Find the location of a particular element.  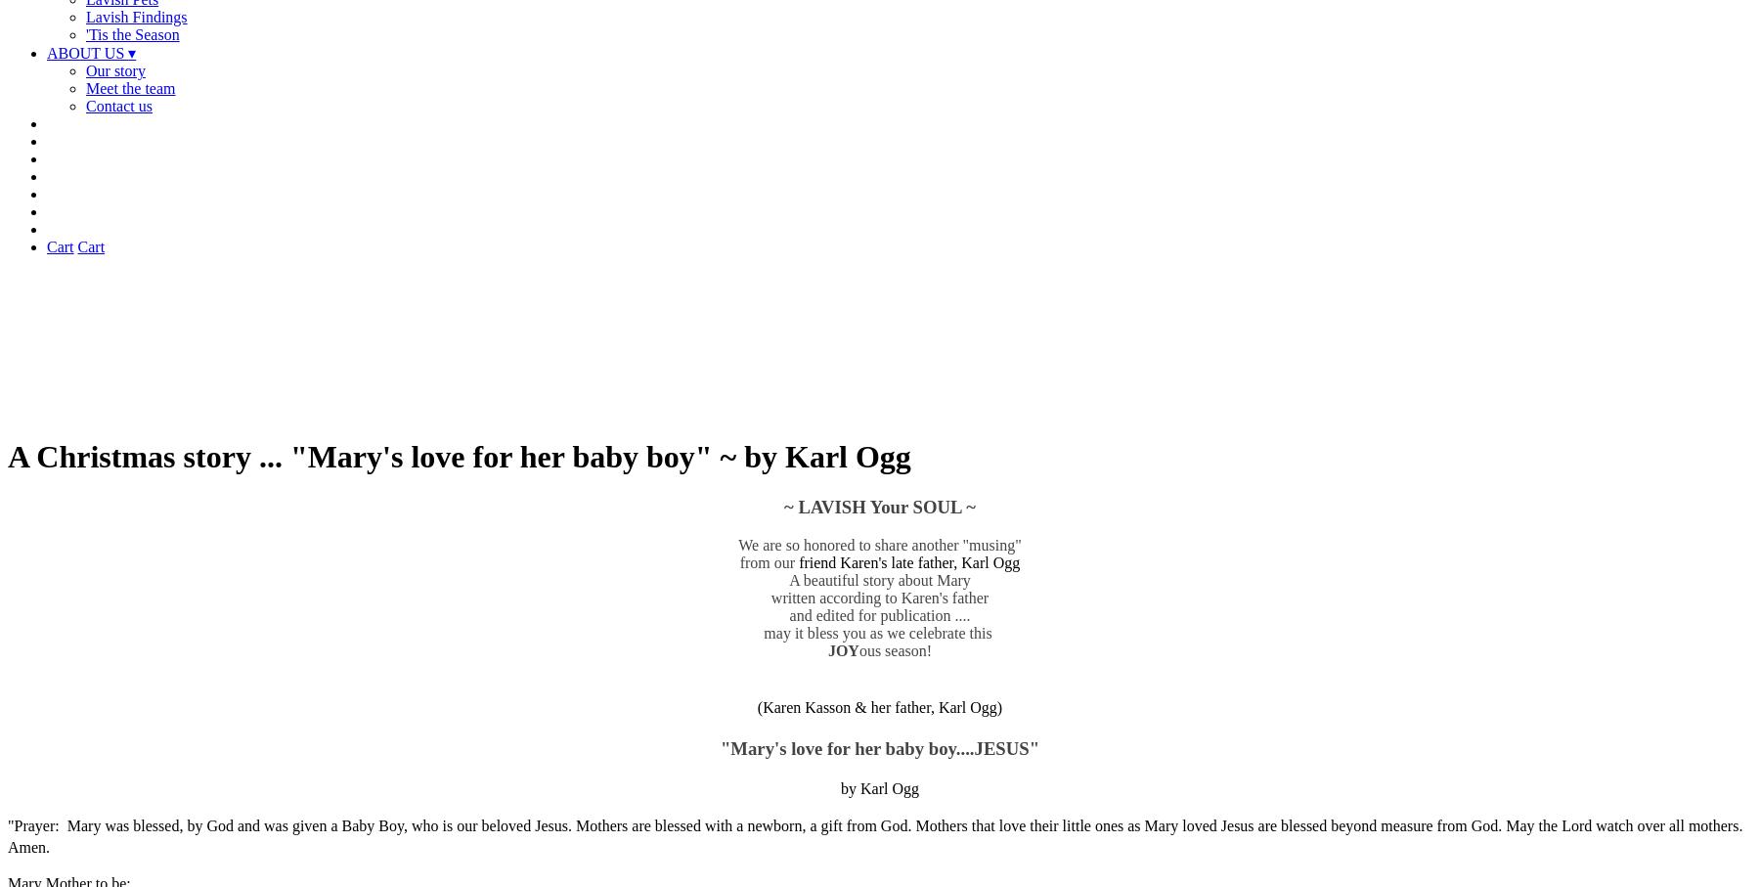

'by Karl Ogg' is located at coordinates (841, 787).